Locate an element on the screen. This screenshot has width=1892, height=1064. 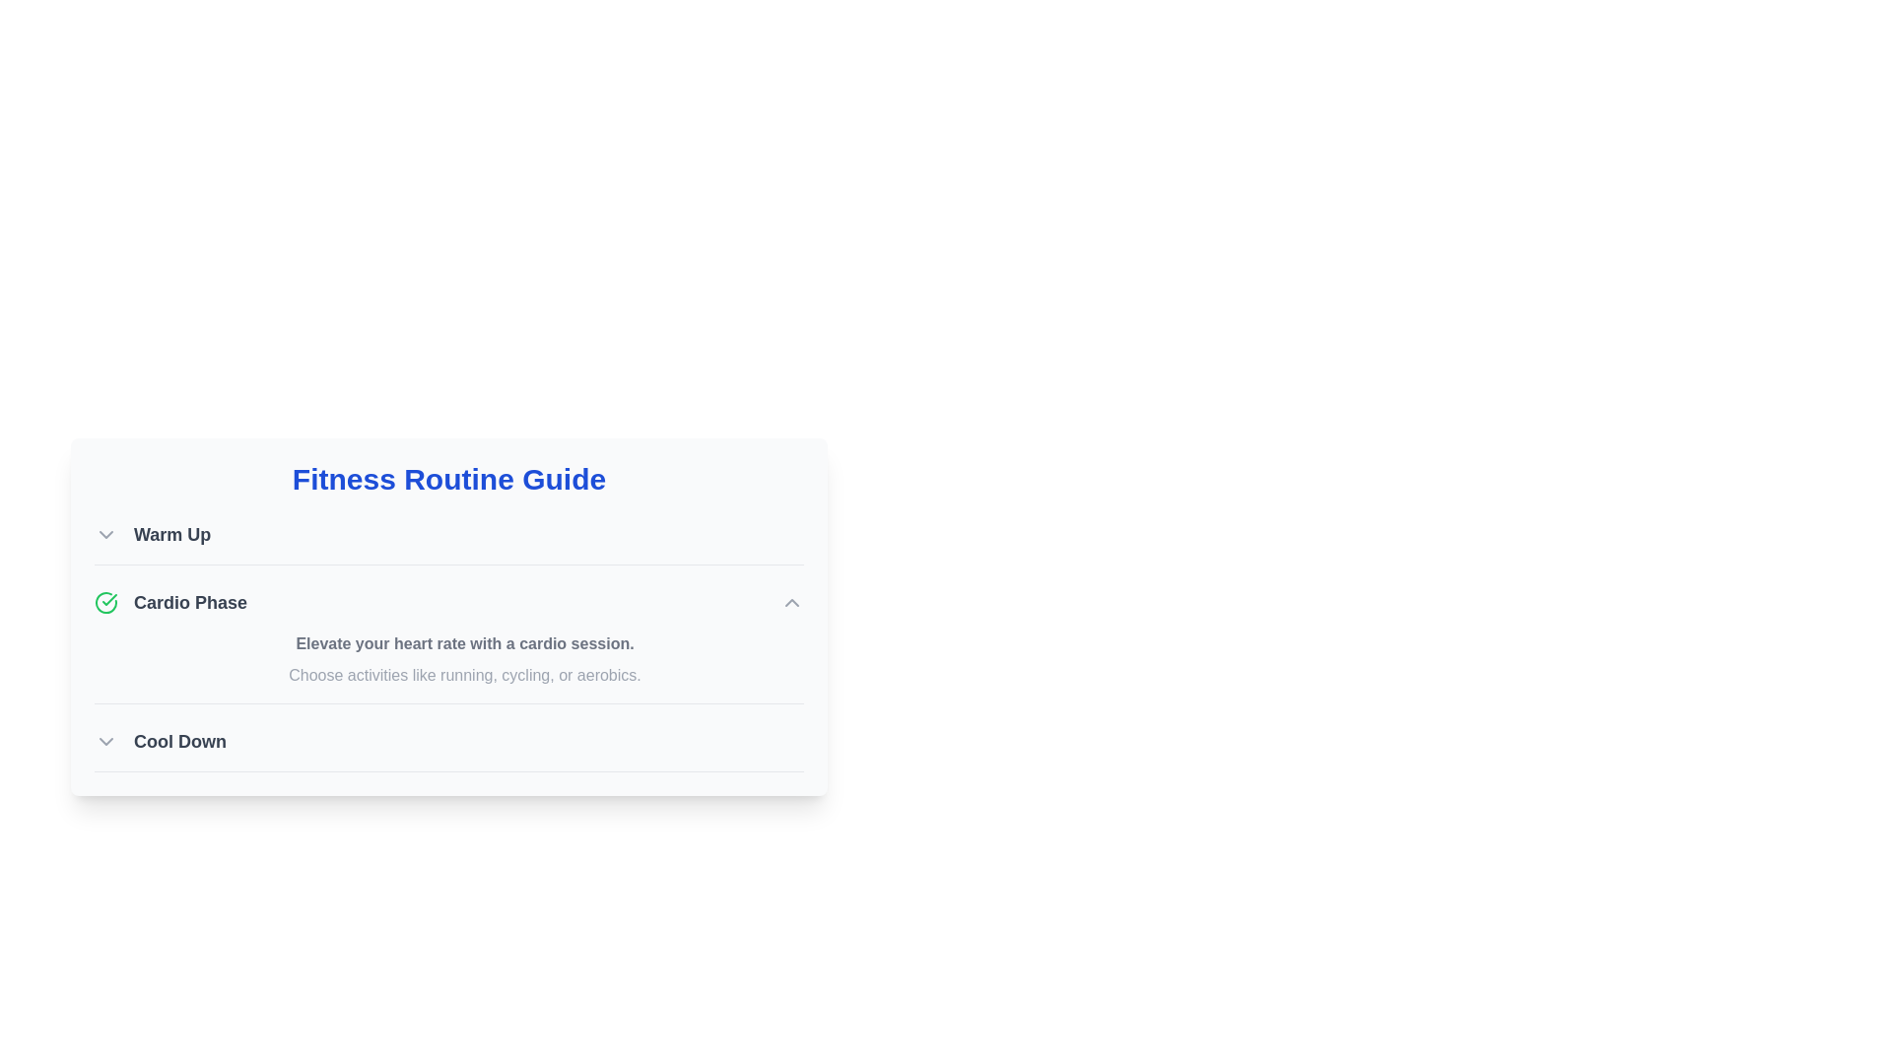
the informational text block that provides guidance related to the 'Cardio Phase' section, located below the title 'Cardio Phase' is located at coordinates (463, 660).